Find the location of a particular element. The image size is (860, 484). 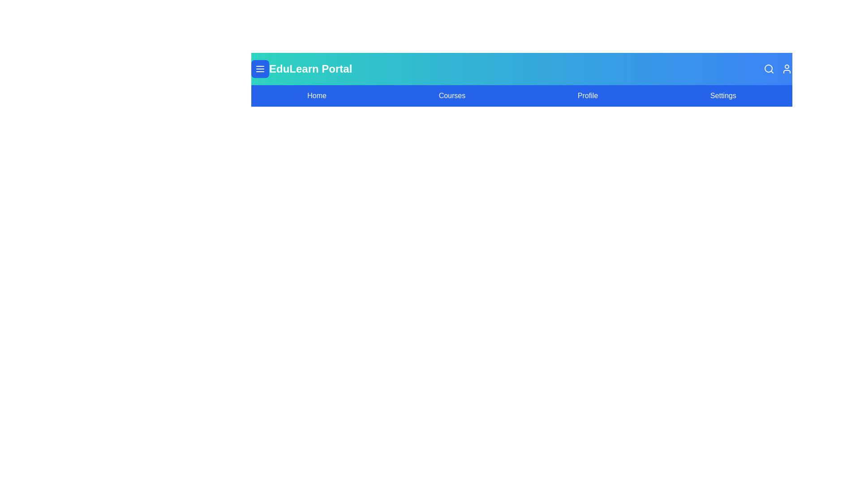

the header text 'EduLearn Portal' is located at coordinates (310, 69).